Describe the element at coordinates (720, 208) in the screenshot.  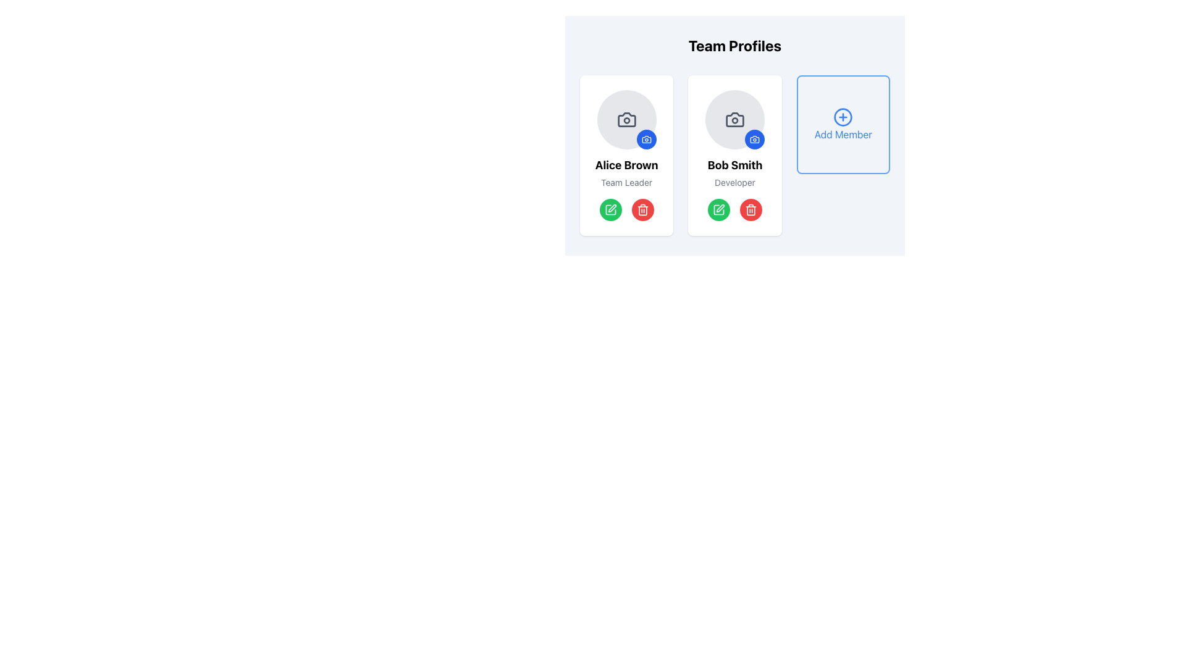
I see `the edit icon representing the edit functionality for Bob Smith's profile in the 'Team Profiles' section` at that location.